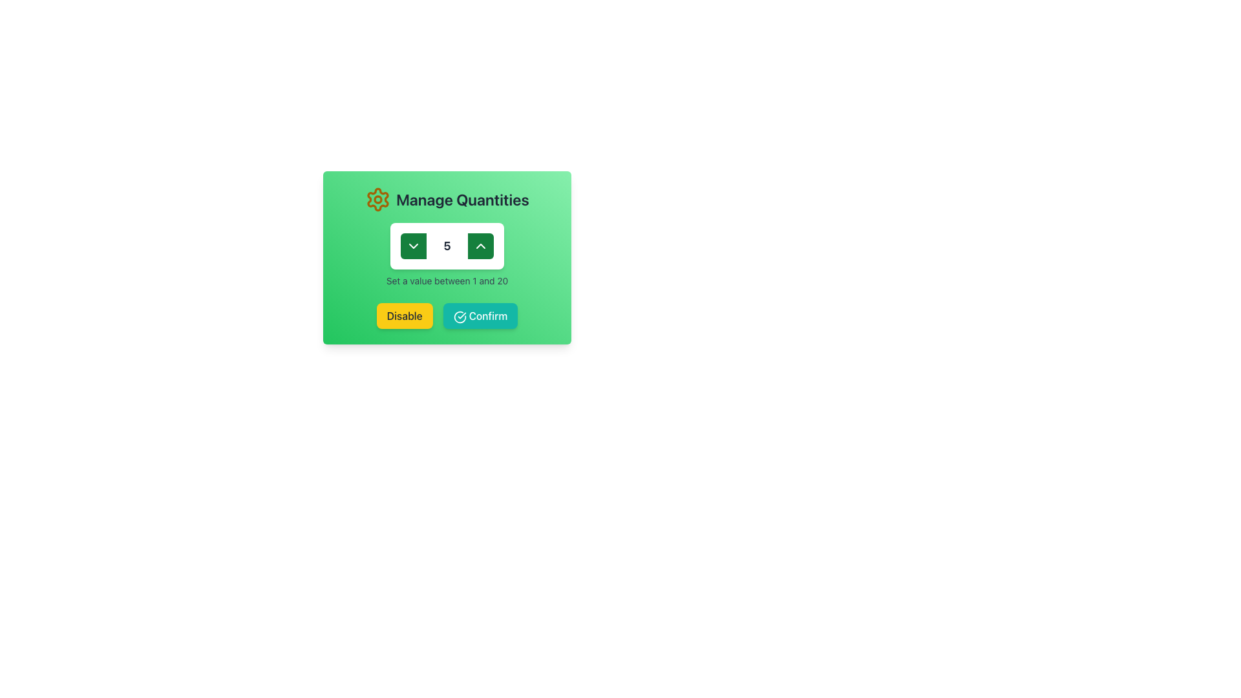  What do you see at coordinates (480, 246) in the screenshot?
I see `the green button with rounded corners and a white upward-pointing chevron icon to increment the numeric value displayed in the text field` at bounding box center [480, 246].